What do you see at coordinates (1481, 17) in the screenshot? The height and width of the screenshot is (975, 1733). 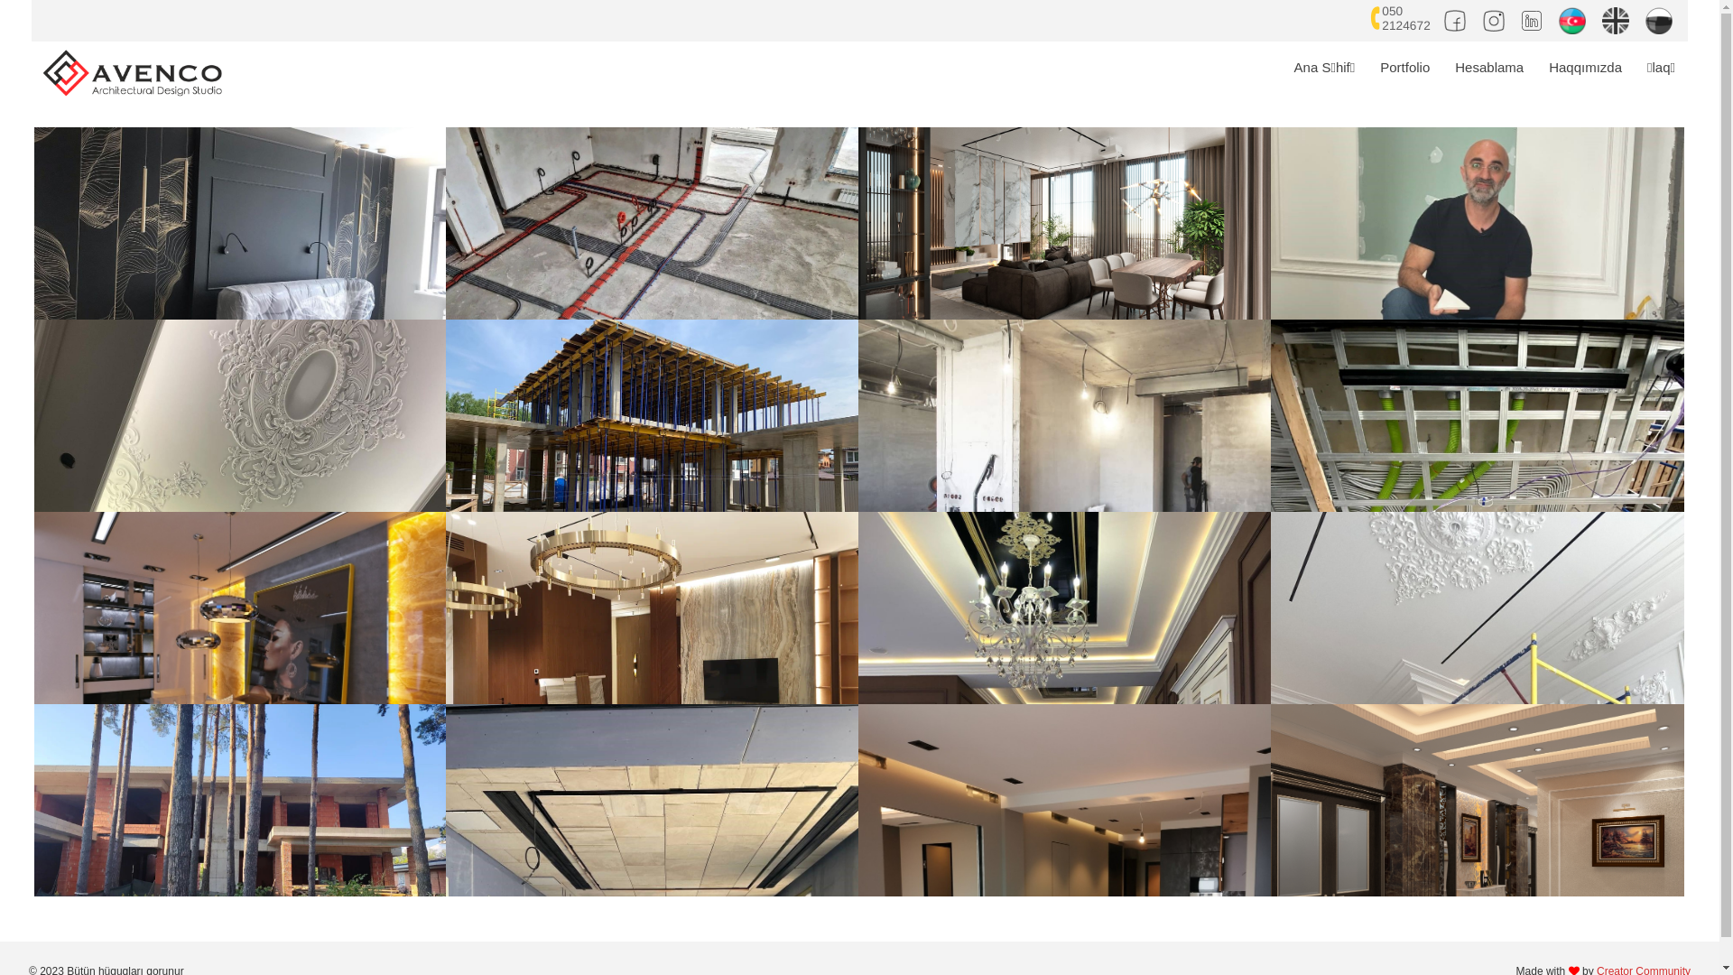 I see `'Instagram'` at bounding box center [1481, 17].